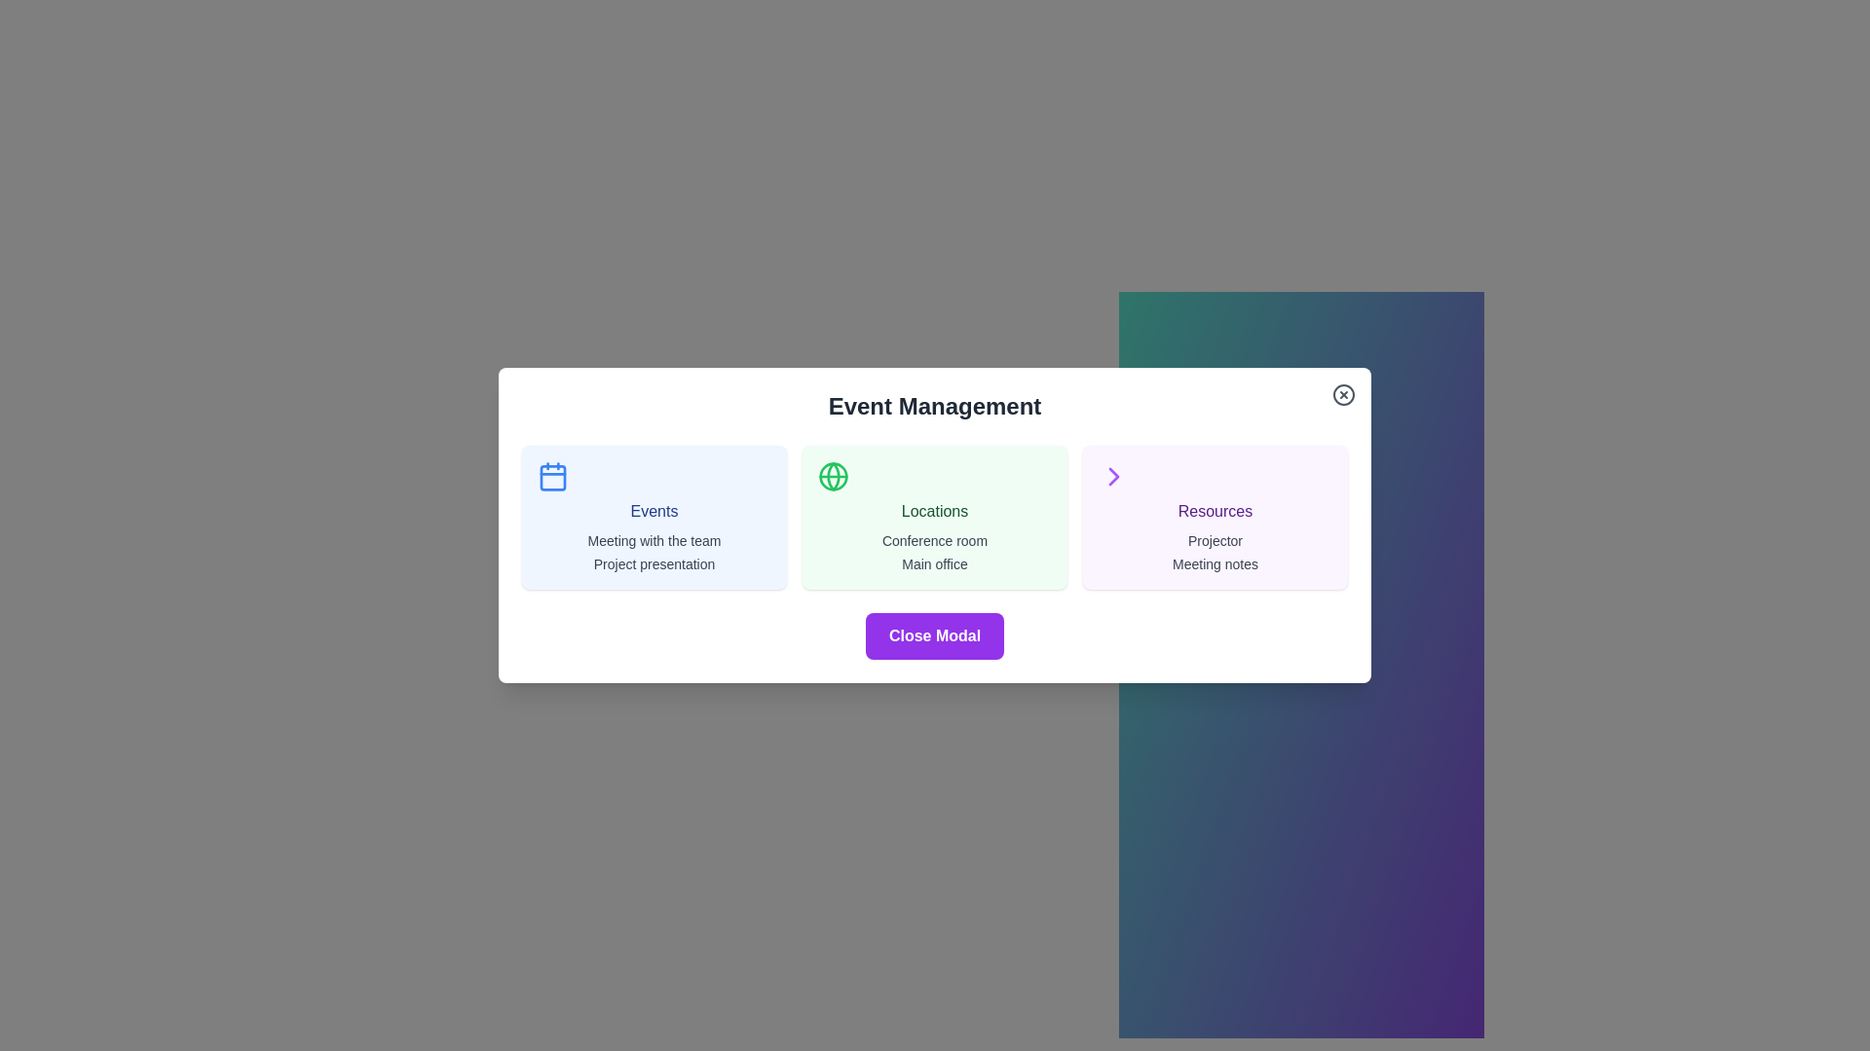  I want to click on the blue rectangular shape with rounded corners inside the calendar icon labeled 'Events' located in the leftmost section of the icon row, so click(551, 477).